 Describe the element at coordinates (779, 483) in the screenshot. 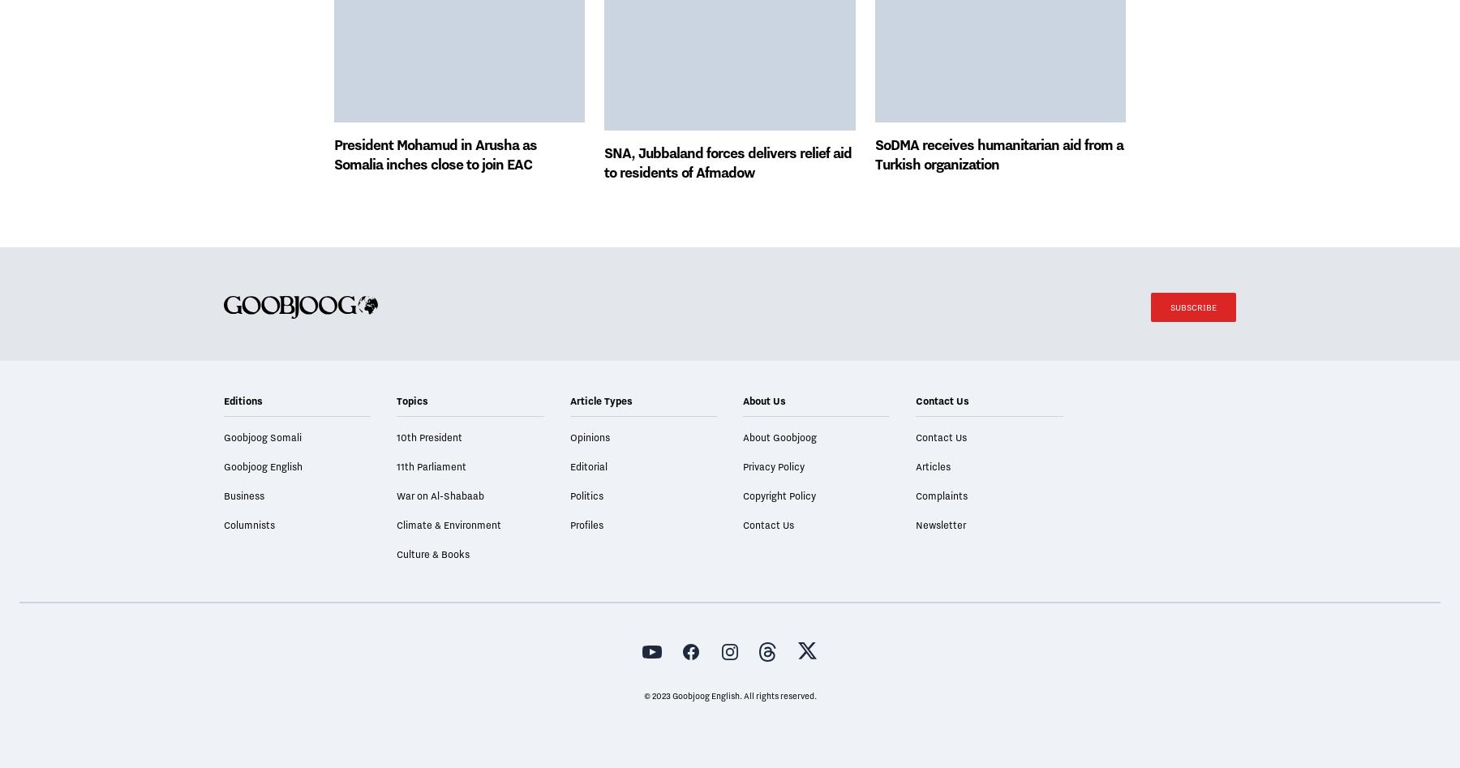

I see `'About Goobjoog'` at that location.